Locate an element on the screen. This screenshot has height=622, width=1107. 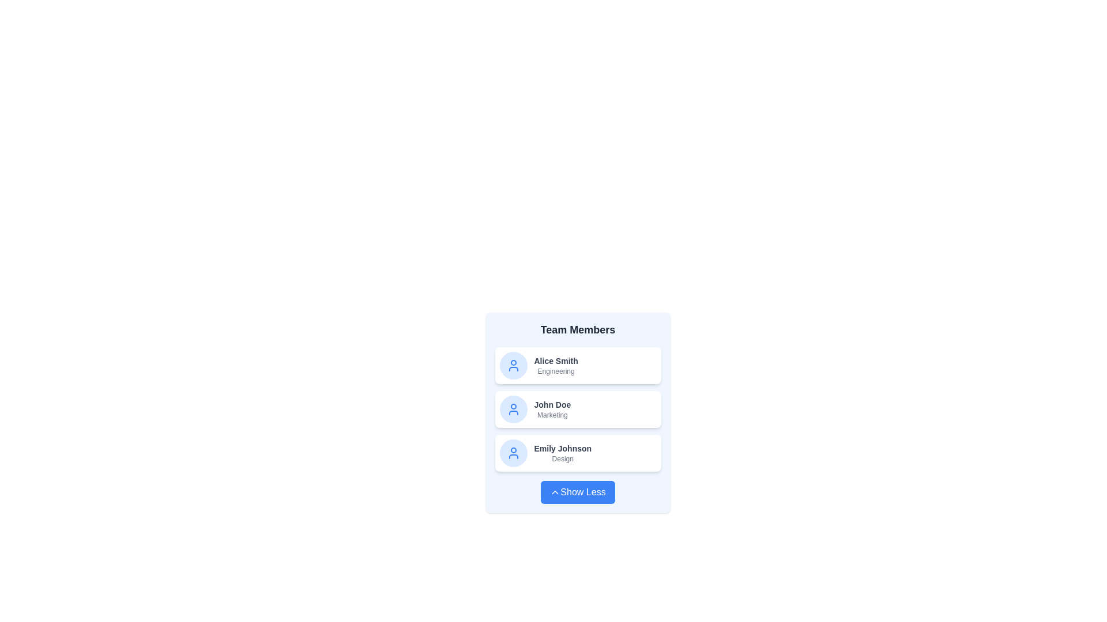
the Text Display element that shows the name and role of a team member, located in the second card of the 'Team Members' section, between 'Alice Smith' and 'Emily Johnson' is located at coordinates (552, 408).